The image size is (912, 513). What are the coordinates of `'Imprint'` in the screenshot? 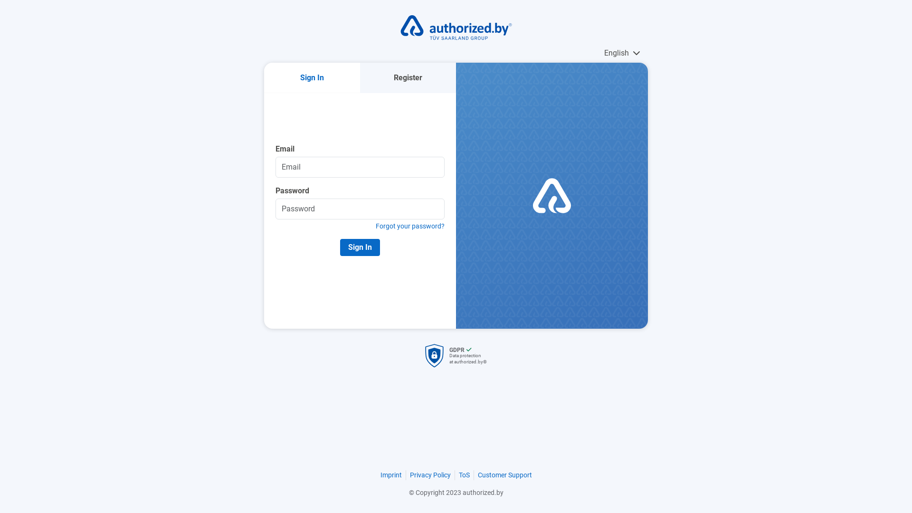 It's located at (390, 475).